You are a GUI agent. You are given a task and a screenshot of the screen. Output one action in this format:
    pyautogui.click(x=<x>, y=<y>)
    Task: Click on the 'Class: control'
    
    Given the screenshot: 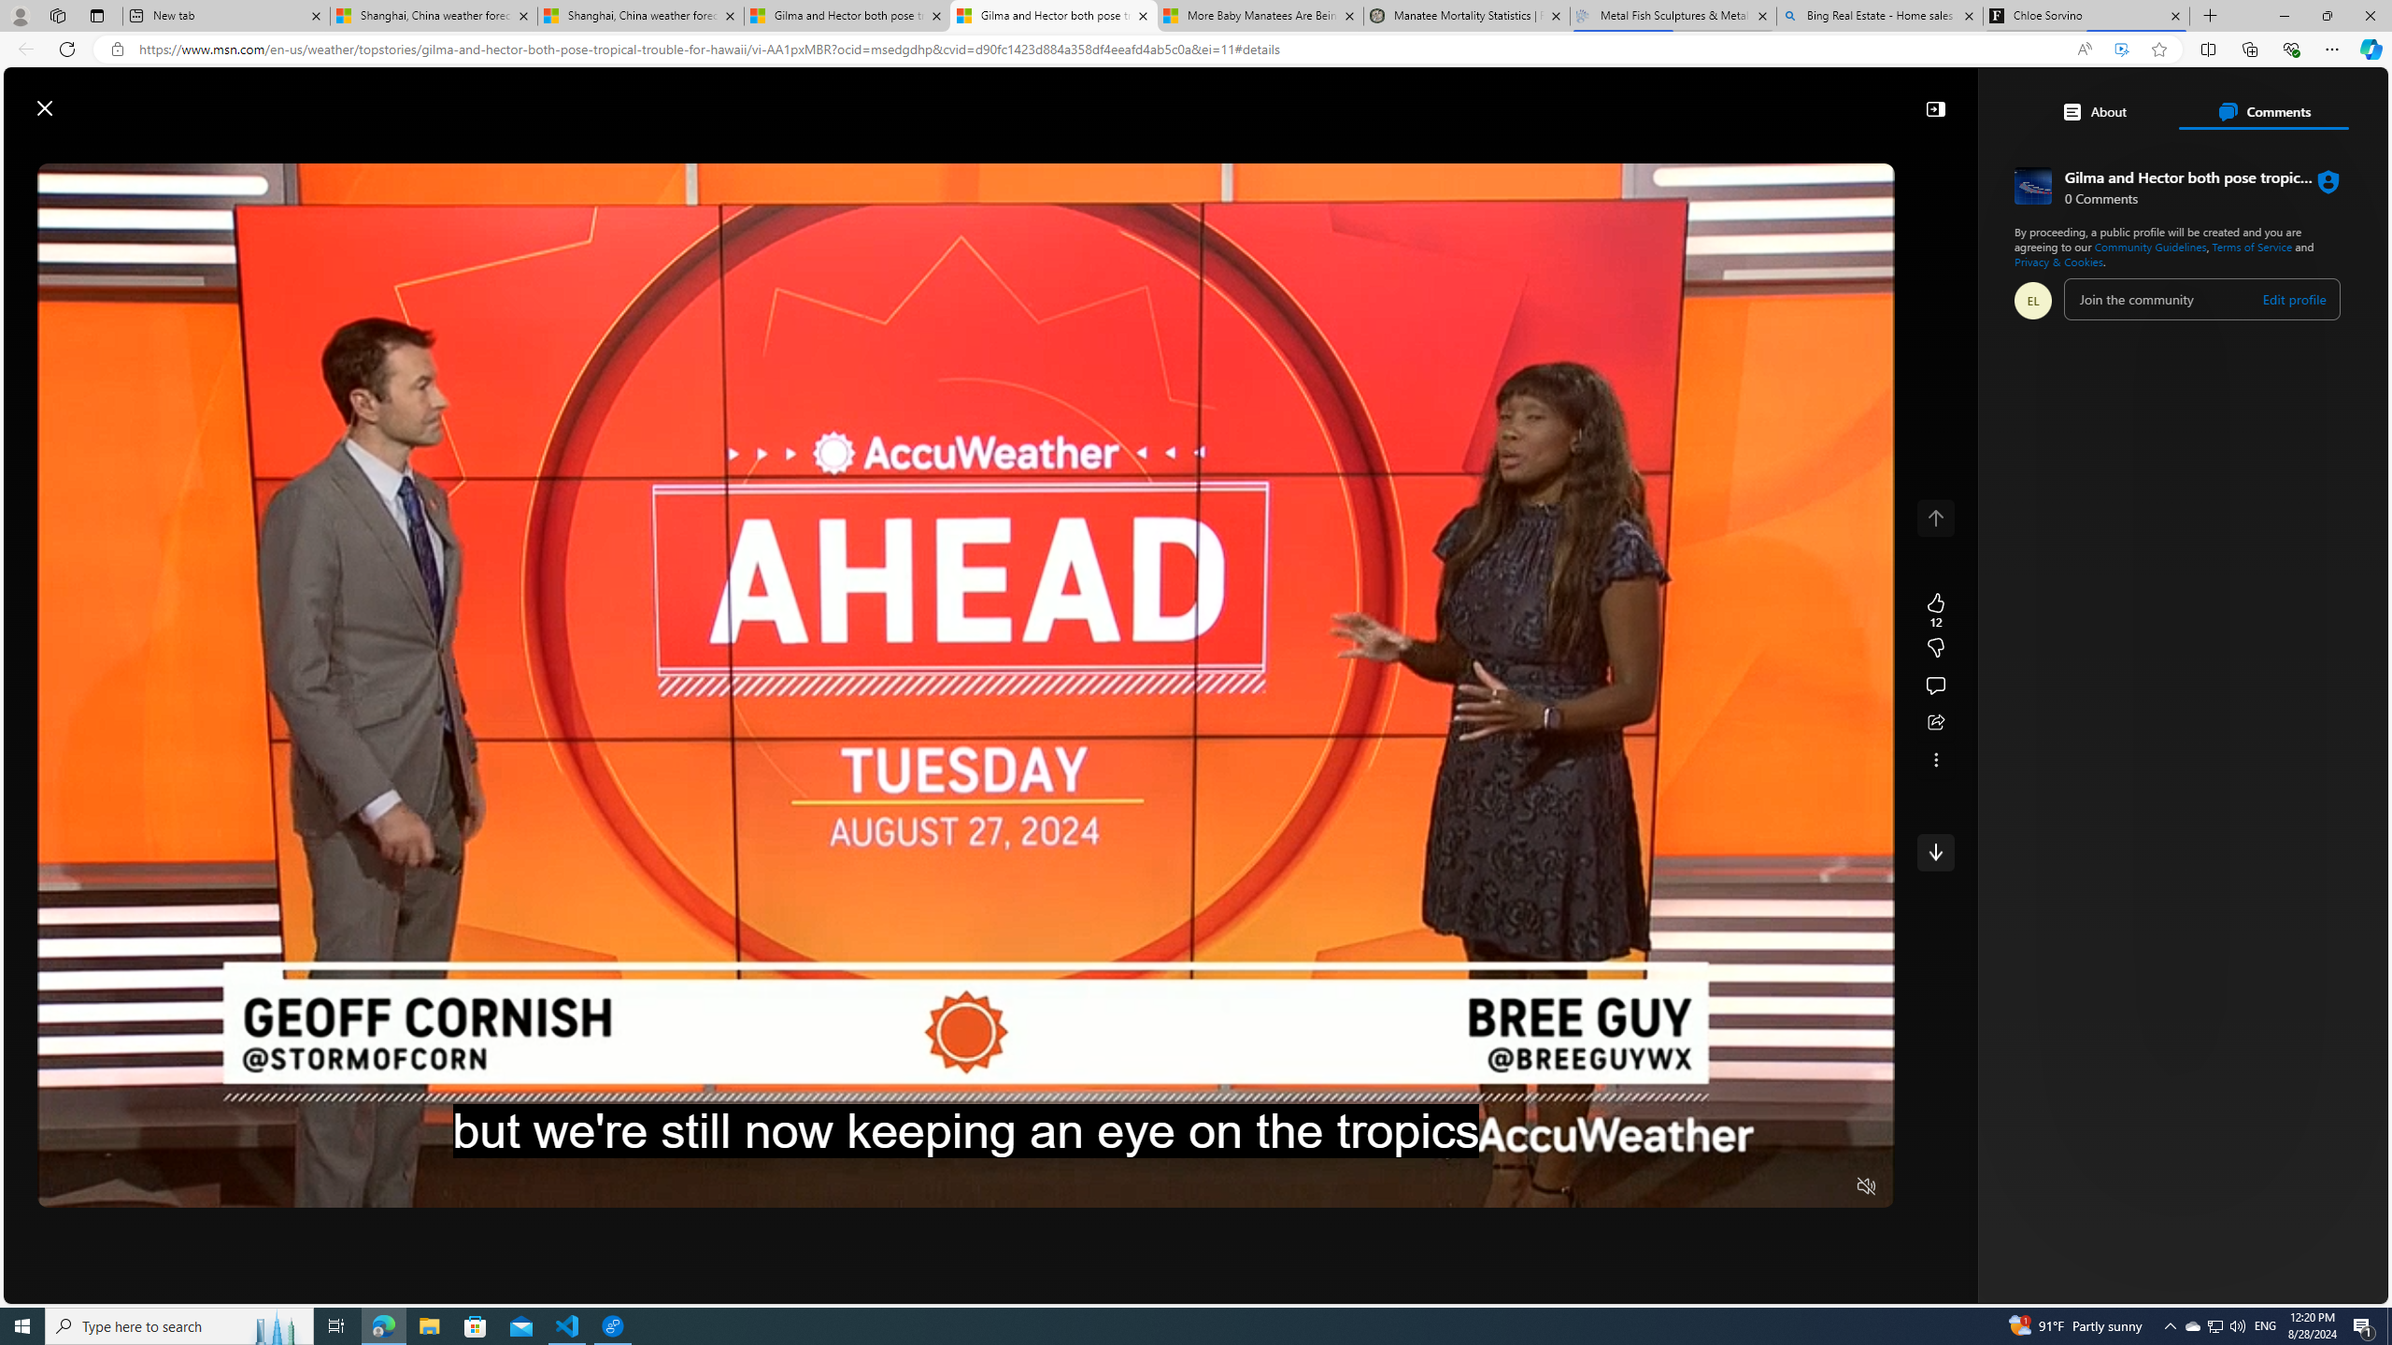 What is the action you would take?
    pyautogui.click(x=1935, y=851)
    